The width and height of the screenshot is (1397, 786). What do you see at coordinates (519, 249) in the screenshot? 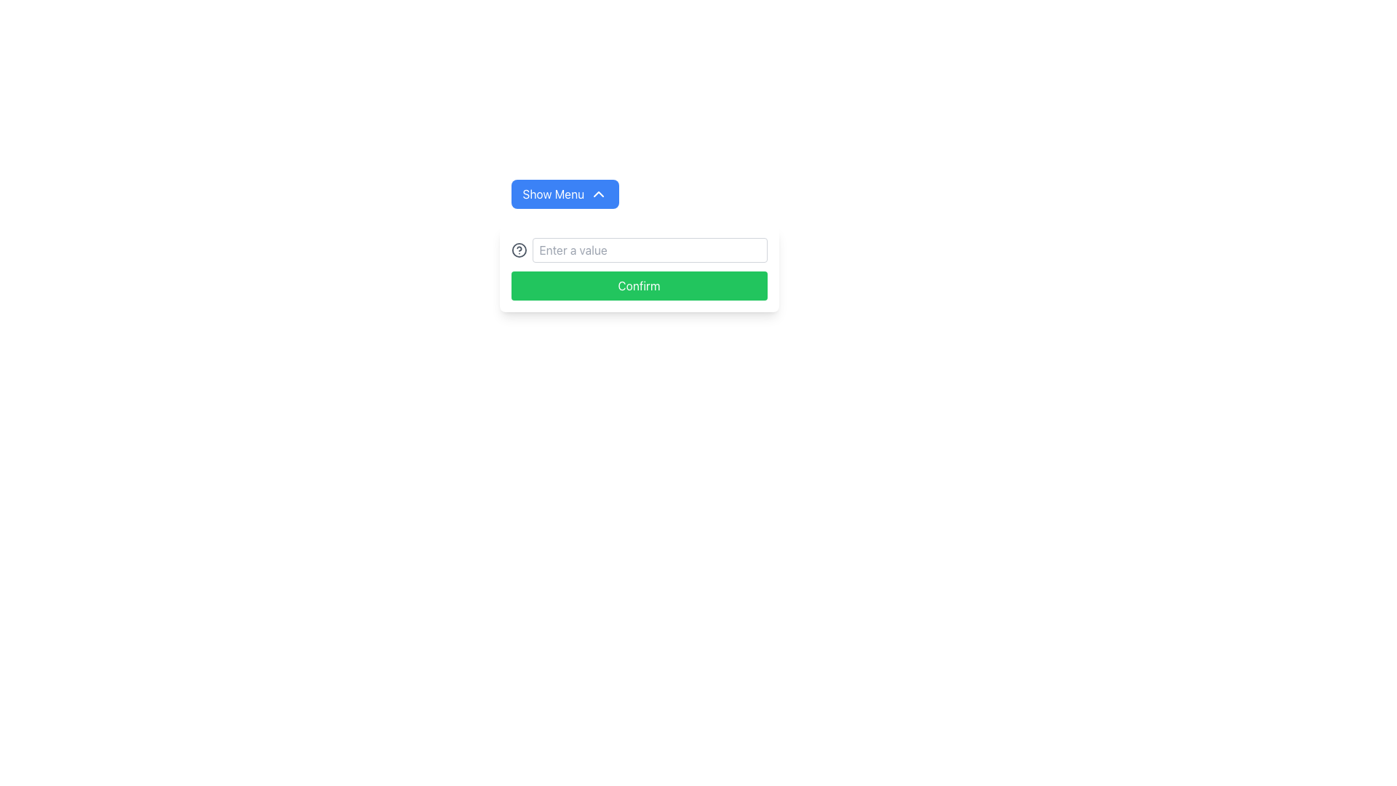
I see `the circular informational icon located on the left side of the text input field labeled 'Enter a value'` at bounding box center [519, 249].